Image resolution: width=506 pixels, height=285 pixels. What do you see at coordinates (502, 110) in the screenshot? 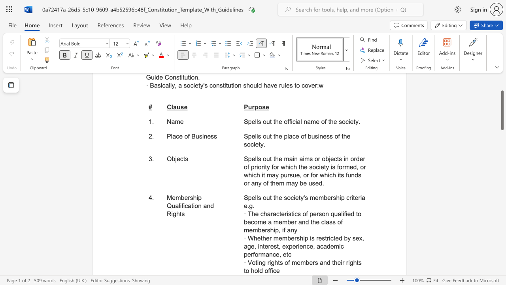
I see `the scrollbar and move up 60 pixels` at bounding box center [502, 110].